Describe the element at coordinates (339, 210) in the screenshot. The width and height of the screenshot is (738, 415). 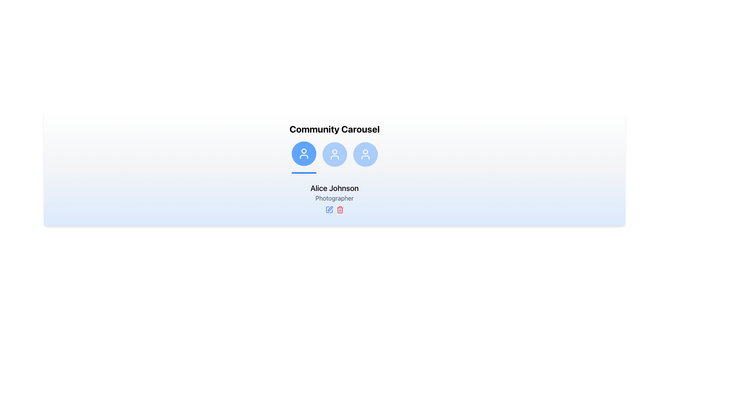
I see `the red trash can icon button located to the right of the blue pen icon, which is positioned below the text 'Alice Johnson Photographer', to invoke the delete functionality` at that location.